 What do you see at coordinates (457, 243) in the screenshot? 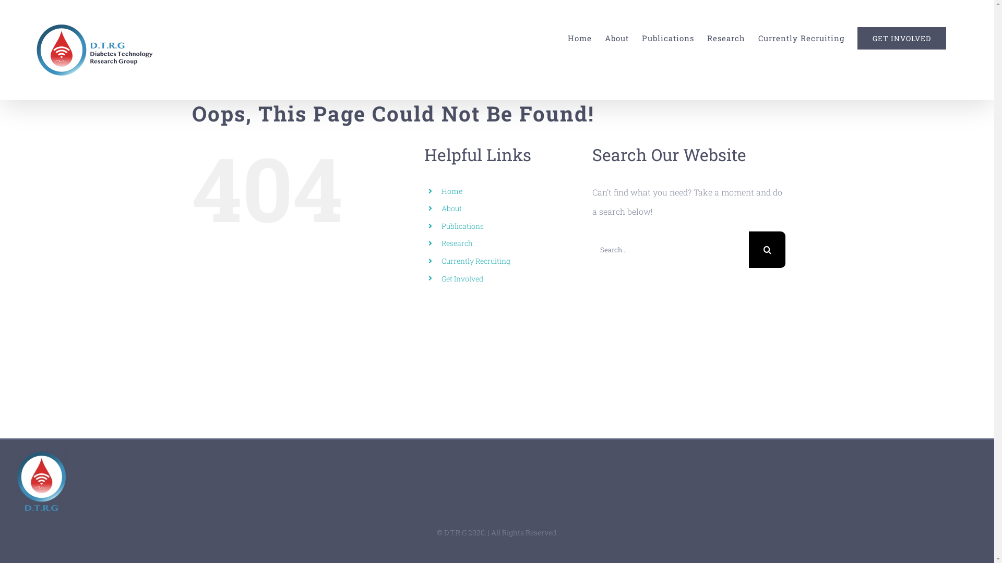
I see `'Research'` at bounding box center [457, 243].